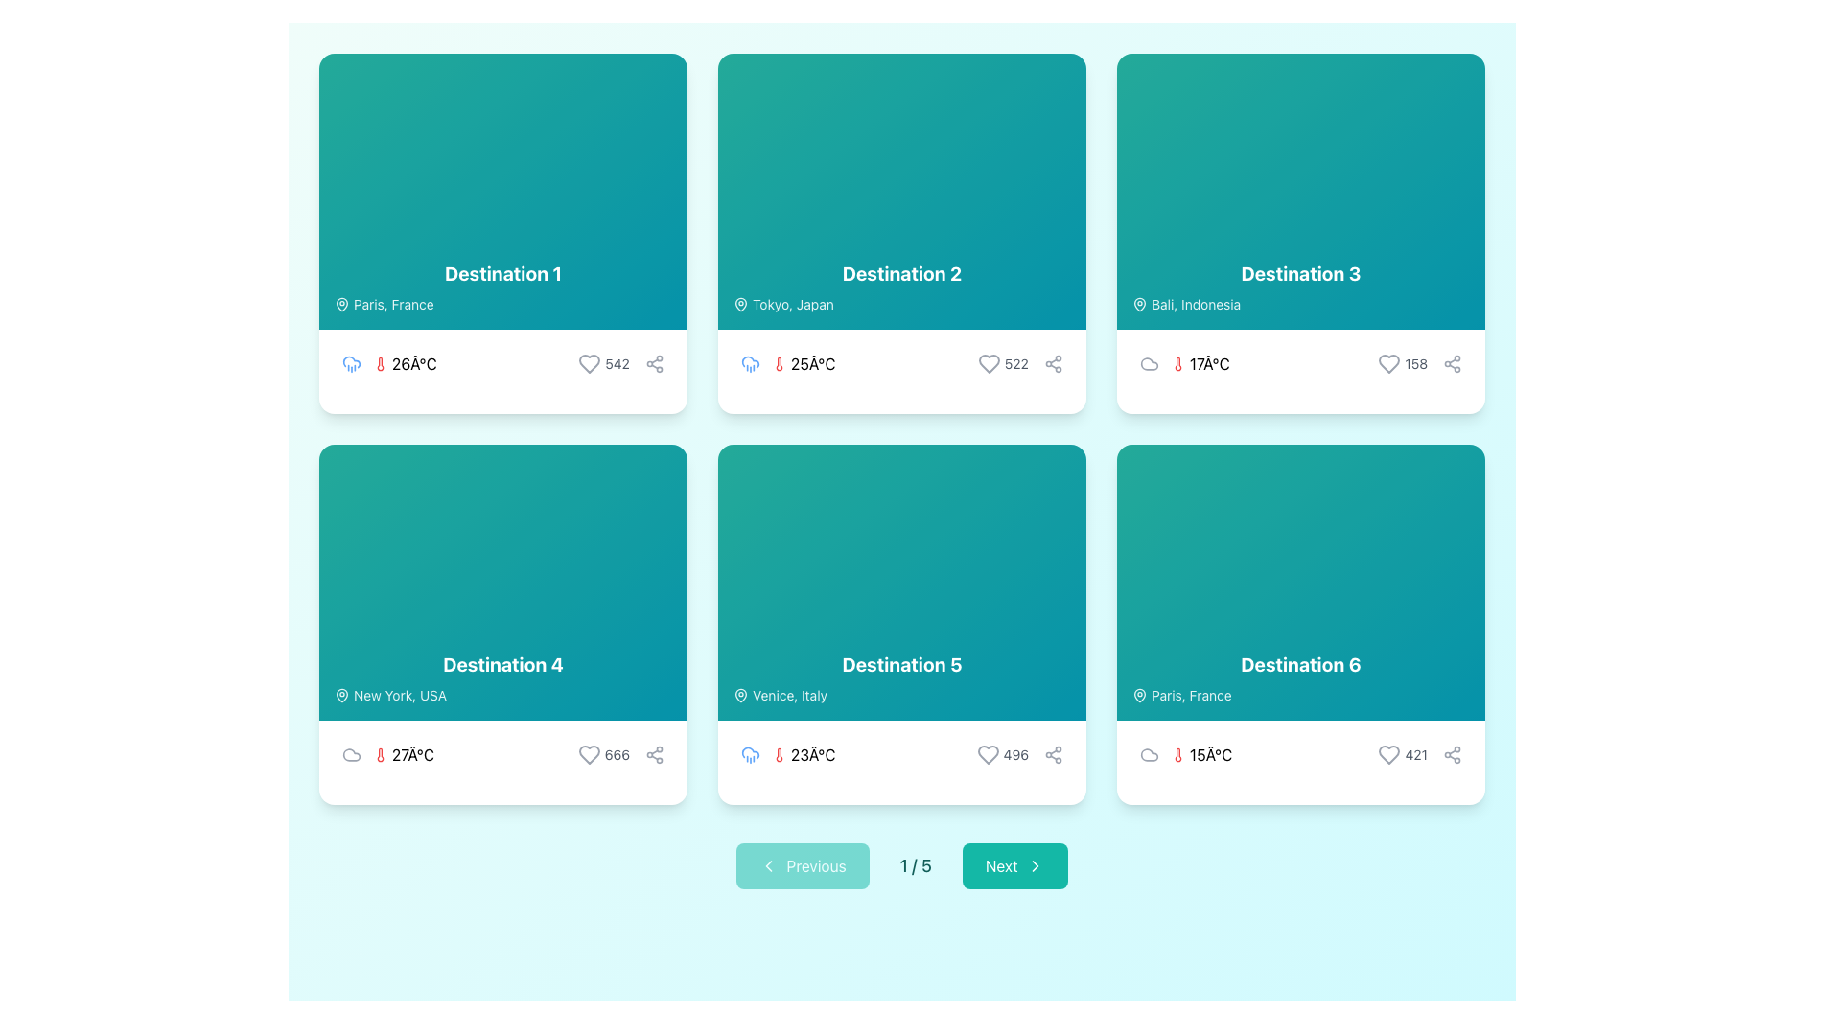  I want to click on the temperature icon on the card labeled 'Destination 5: Venice, Italy', located in the second row and second column of the layout, so click(779, 753).